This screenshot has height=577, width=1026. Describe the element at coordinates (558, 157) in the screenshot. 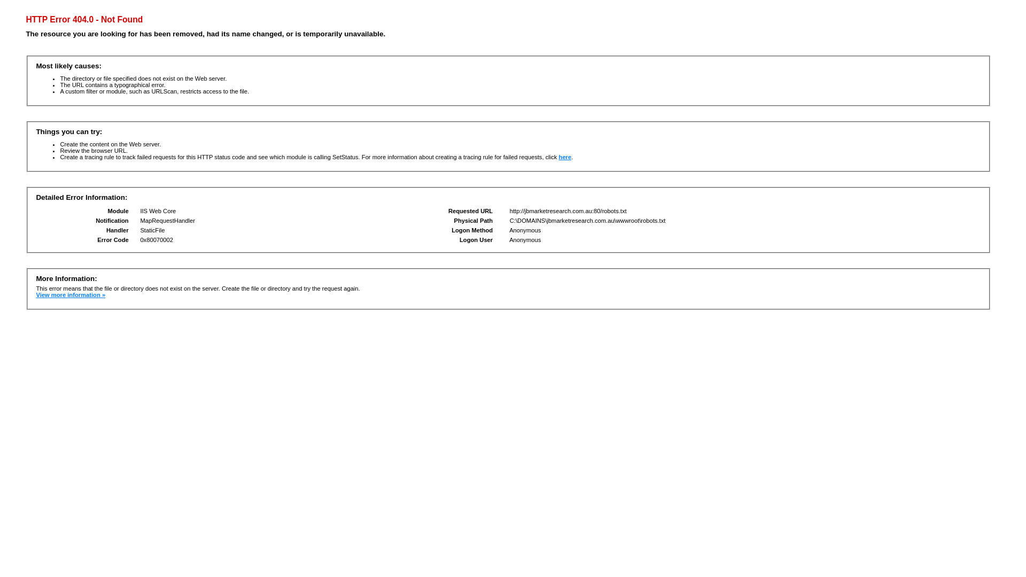

I see `'here'` at that location.